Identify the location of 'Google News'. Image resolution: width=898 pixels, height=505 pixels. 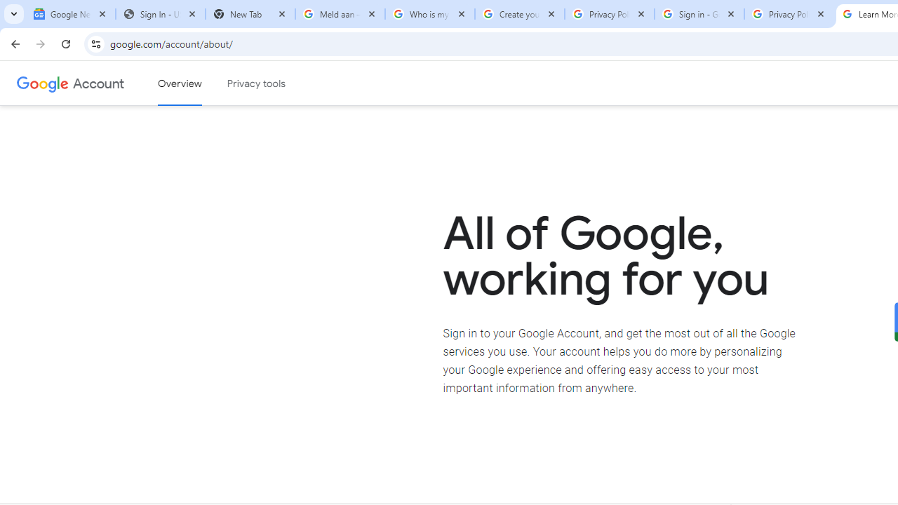
(70, 14).